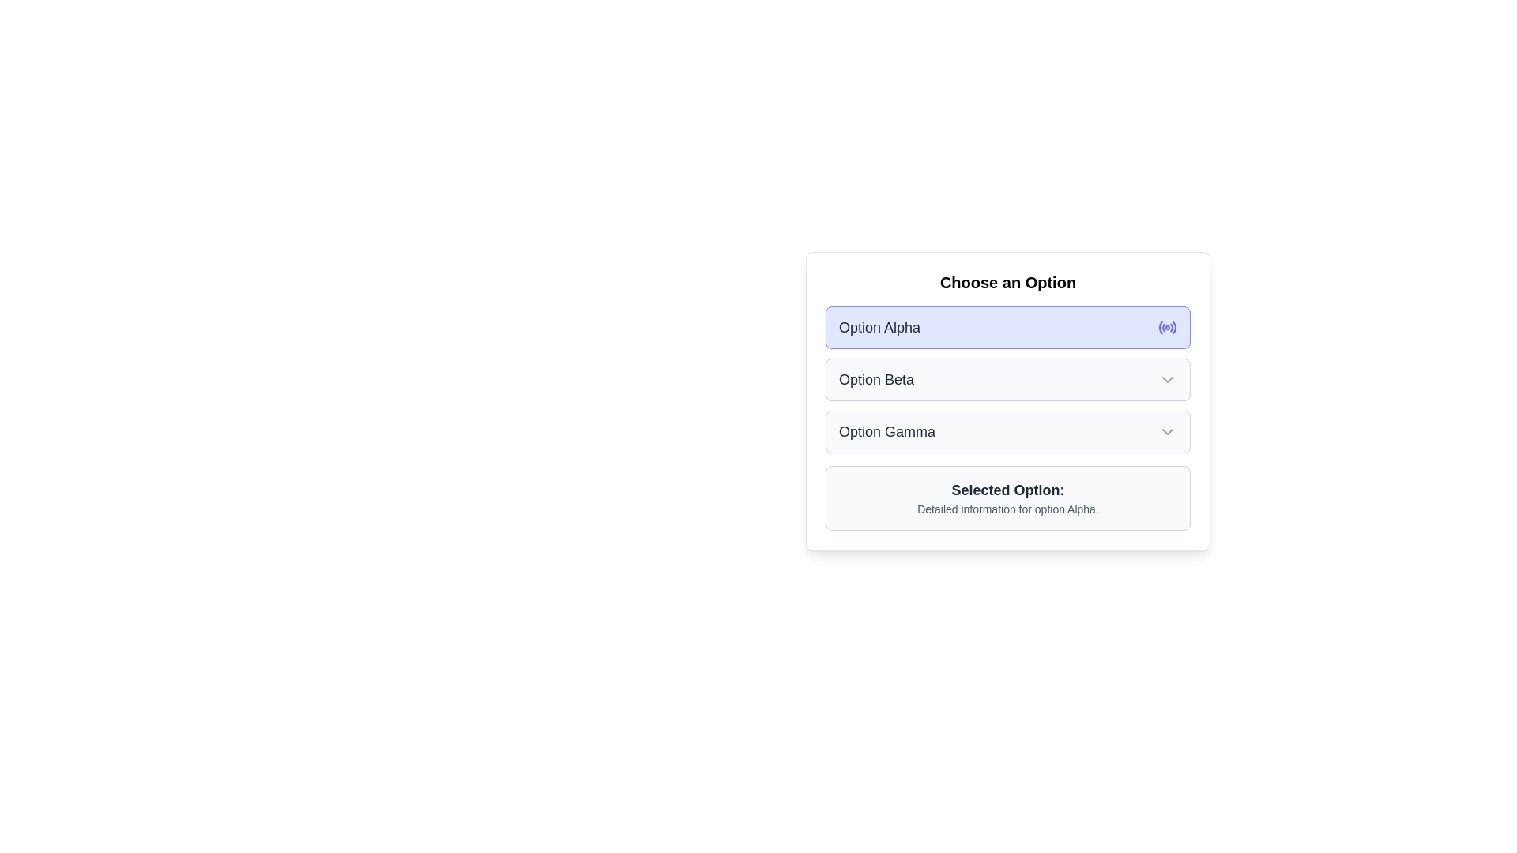 Image resolution: width=1517 pixels, height=853 pixels. Describe the element at coordinates (879, 327) in the screenshot. I see `the text label for the first listed option in the selection menu, which is positioned at the top of the list above 'Option Beta' and 'Option Gamma'` at that location.